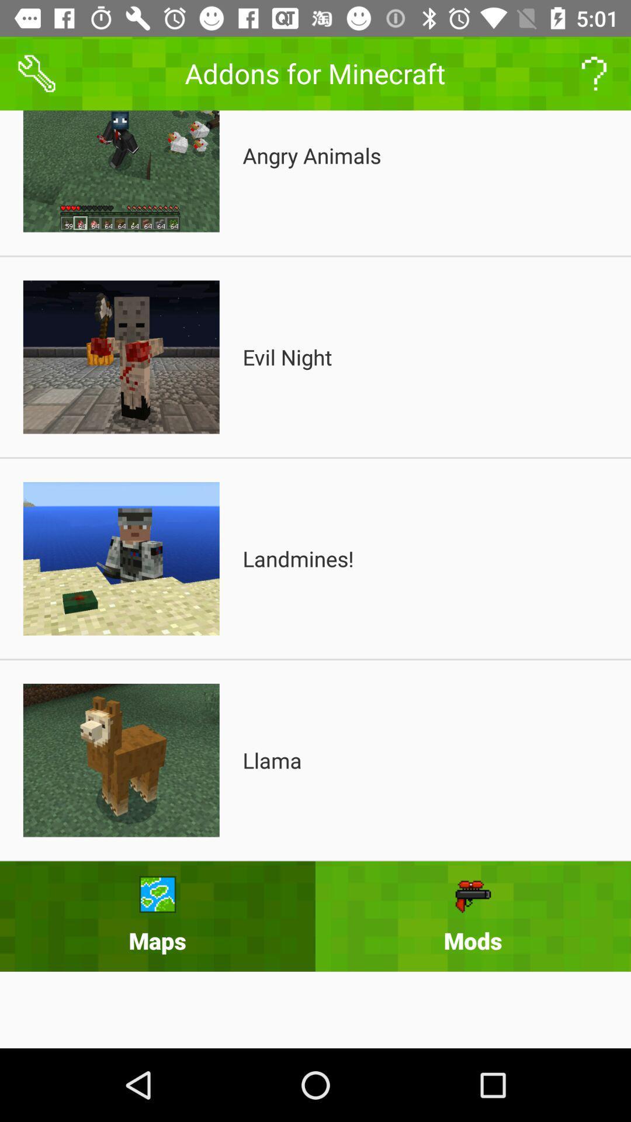 This screenshot has height=1122, width=631. I want to click on item to the right of addons for minecraft, so click(594, 72).